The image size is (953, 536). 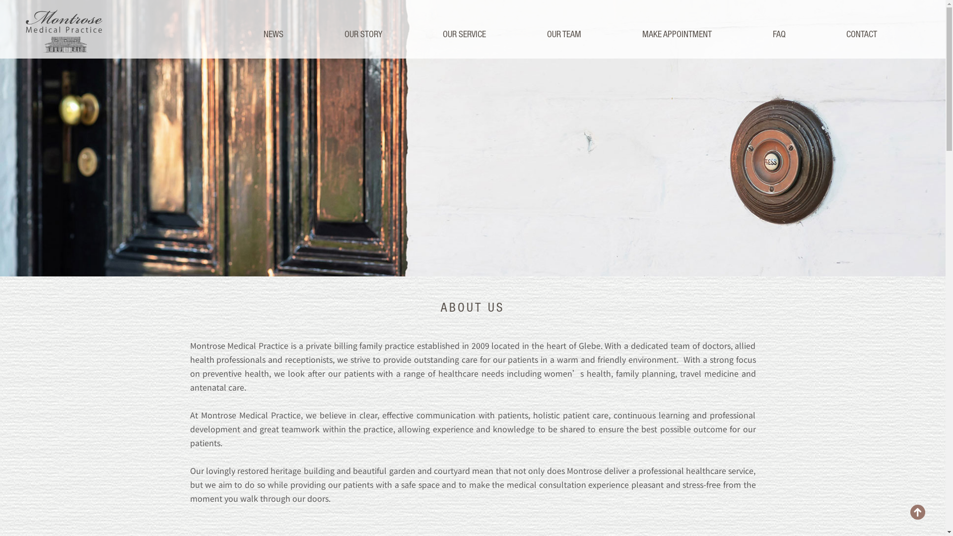 What do you see at coordinates (778, 34) in the screenshot?
I see `'FAQ'` at bounding box center [778, 34].